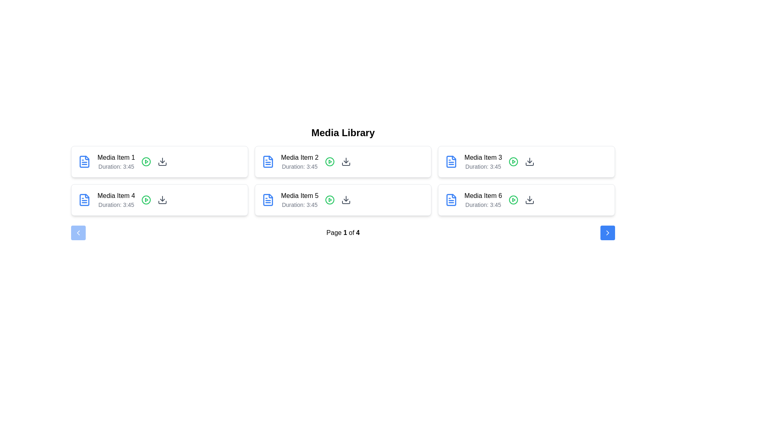 This screenshot has width=780, height=439. Describe the element at coordinates (483, 200) in the screenshot. I see `and drag the styled text block displaying the title and duration of the media item, located in the bottom right card of the grid layout` at that location.